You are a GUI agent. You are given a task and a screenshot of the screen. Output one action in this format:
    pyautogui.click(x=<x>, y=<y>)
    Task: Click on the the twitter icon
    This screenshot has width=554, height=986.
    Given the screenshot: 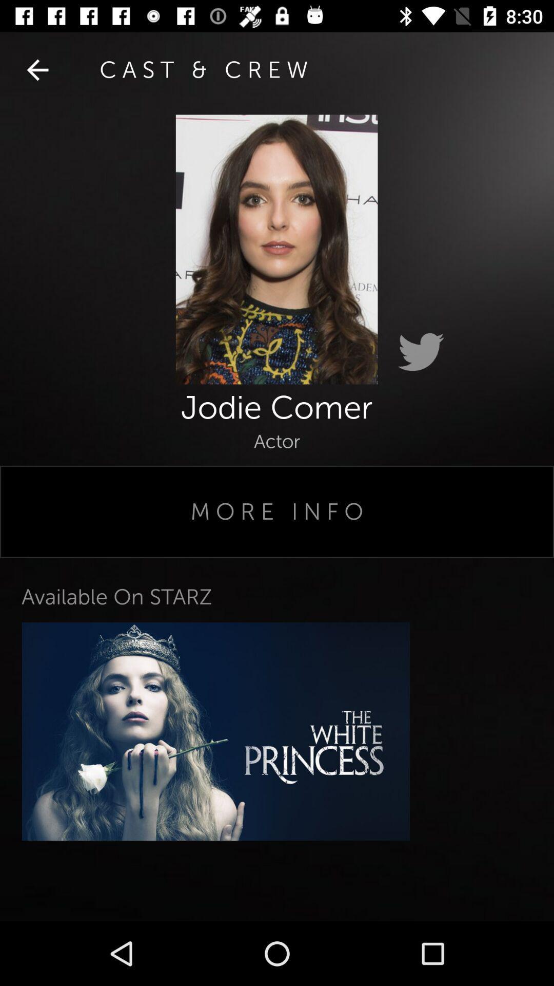 What is the action you would take?
    pyautogui.click(x=421, y=352)
    